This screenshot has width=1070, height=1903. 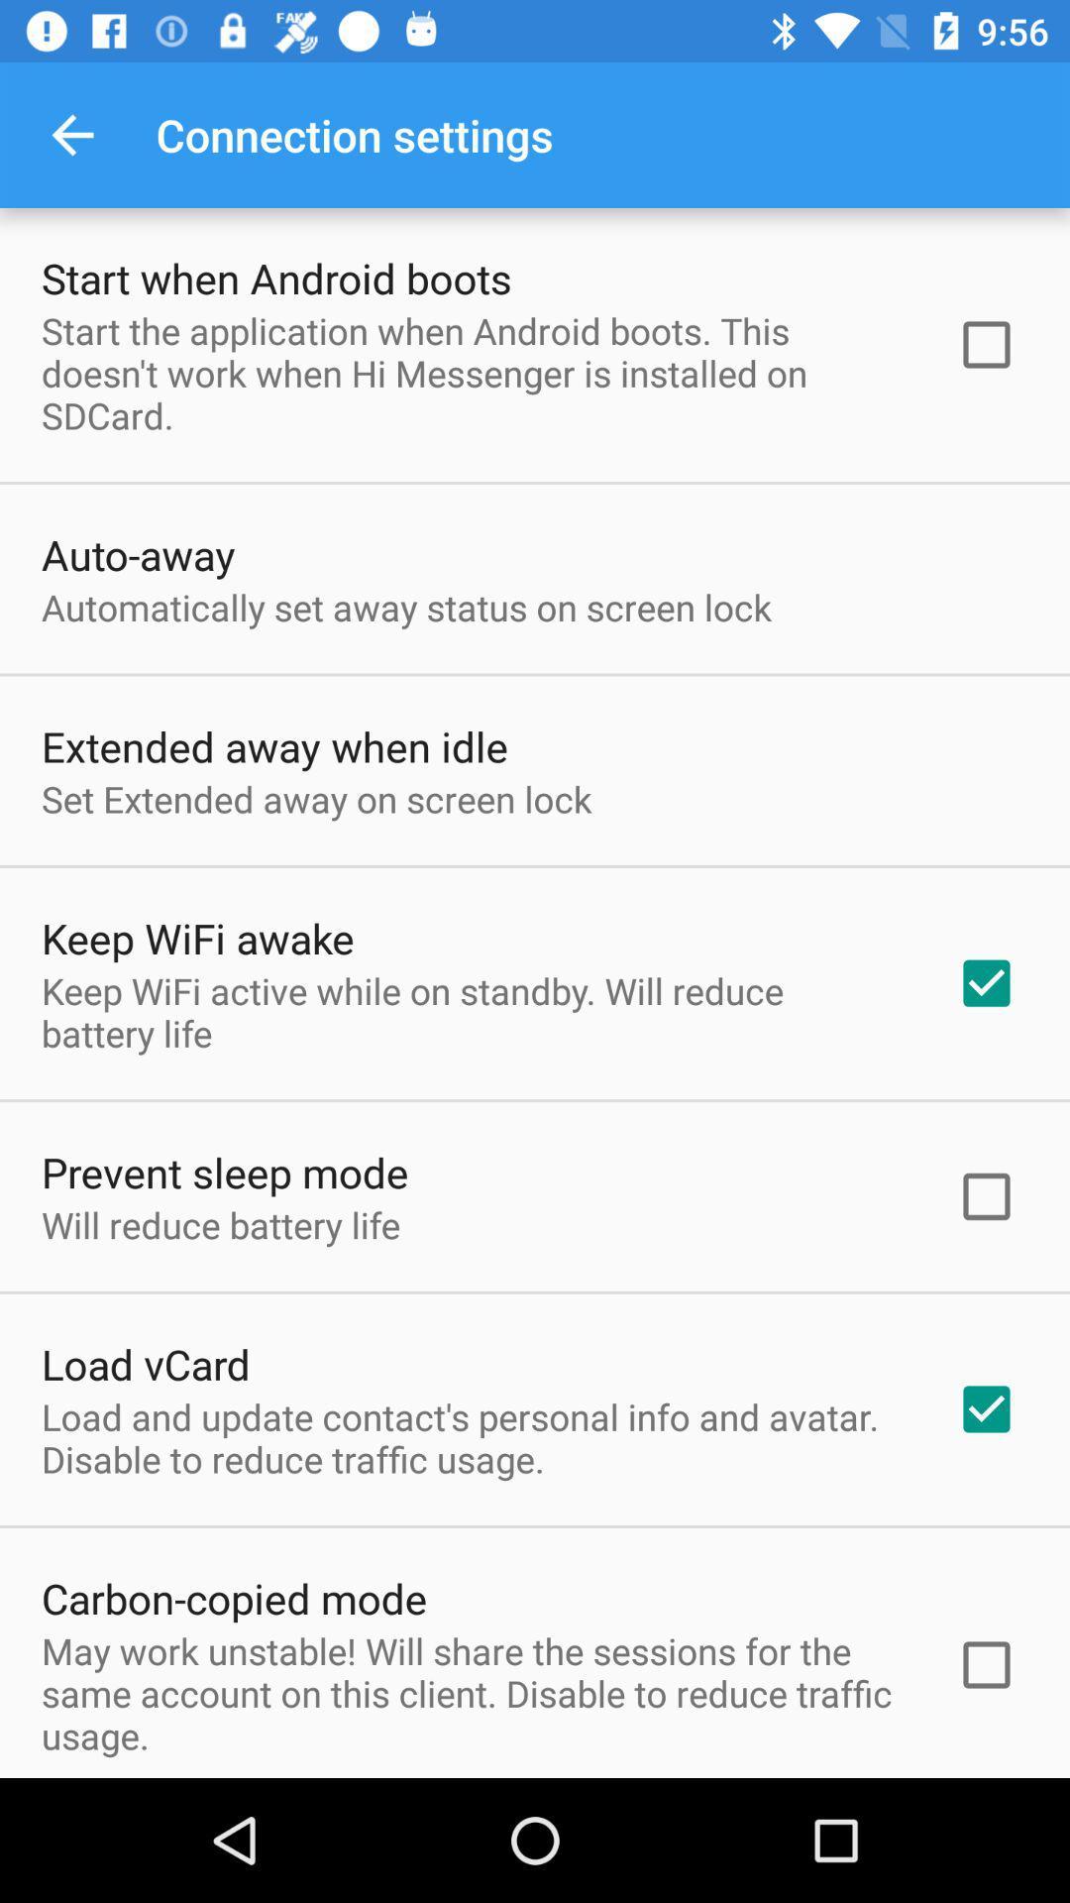 I want to click on the load vcard, so click(x=145, y=1363).